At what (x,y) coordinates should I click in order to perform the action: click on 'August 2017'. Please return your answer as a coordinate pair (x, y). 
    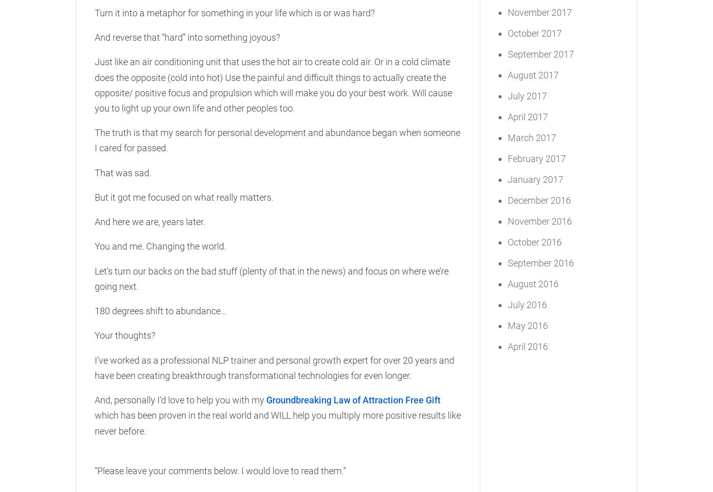
    Looking at the image, I should click on (533, 74).